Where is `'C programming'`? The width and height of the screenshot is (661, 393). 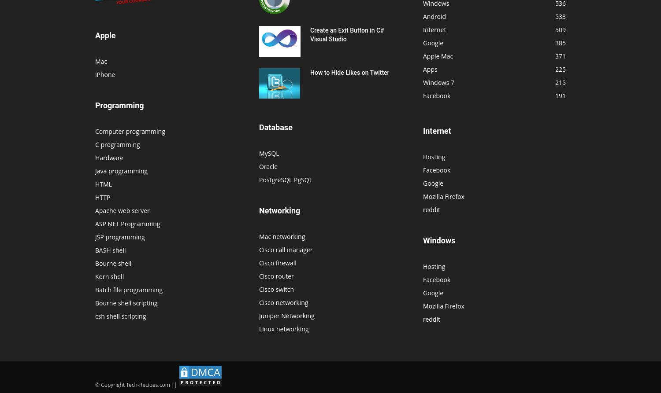
'C programming' is located at coordinates (117, 144).